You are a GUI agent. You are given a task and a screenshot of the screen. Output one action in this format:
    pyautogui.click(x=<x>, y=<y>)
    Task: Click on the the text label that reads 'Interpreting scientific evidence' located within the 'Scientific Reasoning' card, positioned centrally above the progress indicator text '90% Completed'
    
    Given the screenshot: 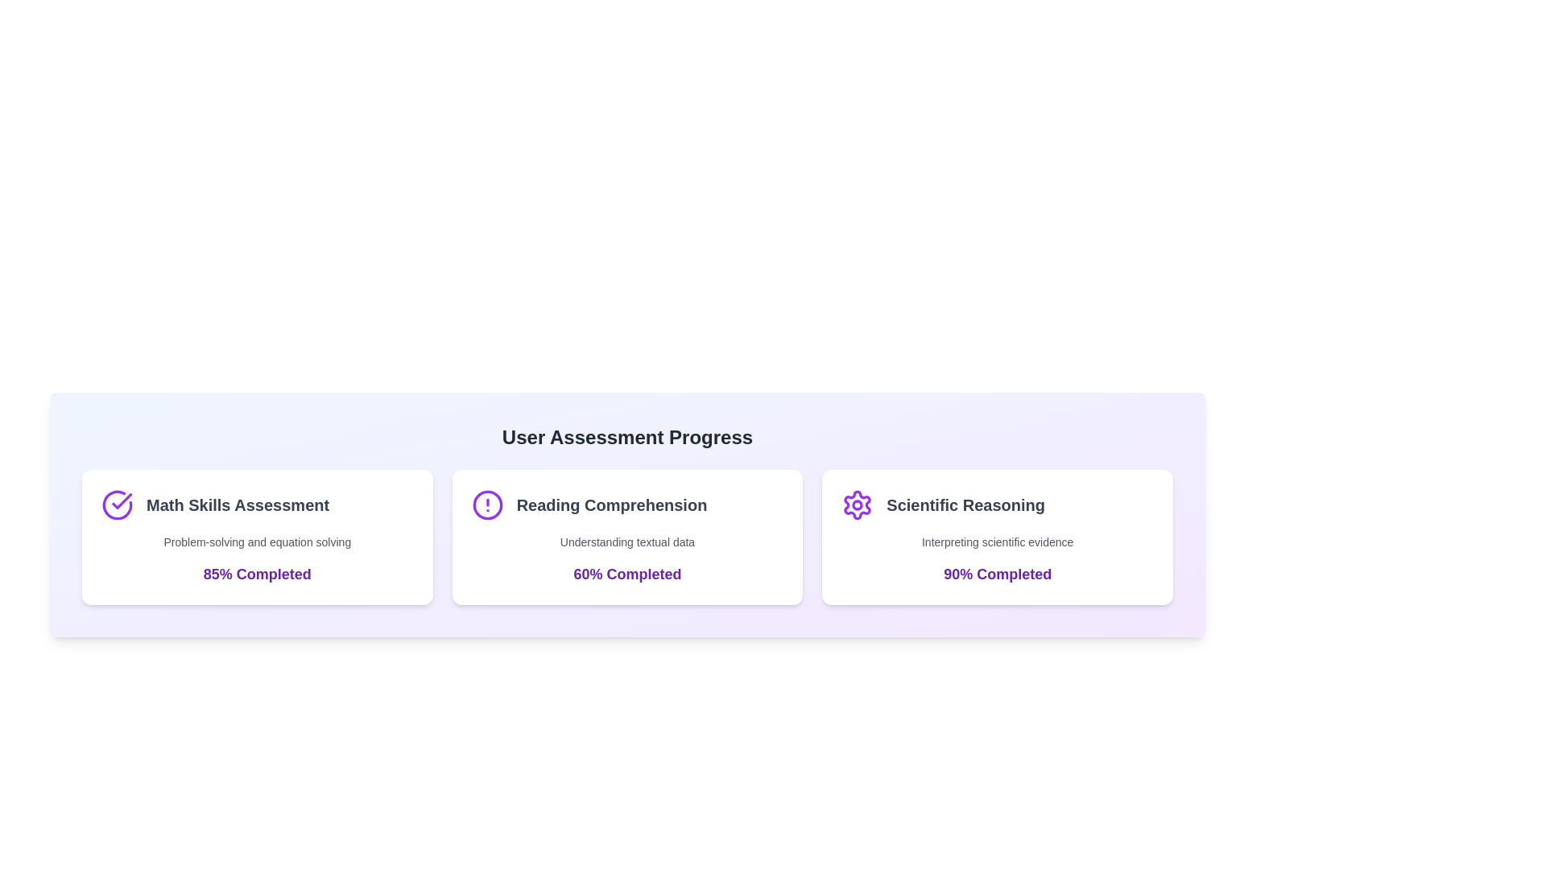 What is the action you would take?
    pyautogui.click(x=997, y=542)
    